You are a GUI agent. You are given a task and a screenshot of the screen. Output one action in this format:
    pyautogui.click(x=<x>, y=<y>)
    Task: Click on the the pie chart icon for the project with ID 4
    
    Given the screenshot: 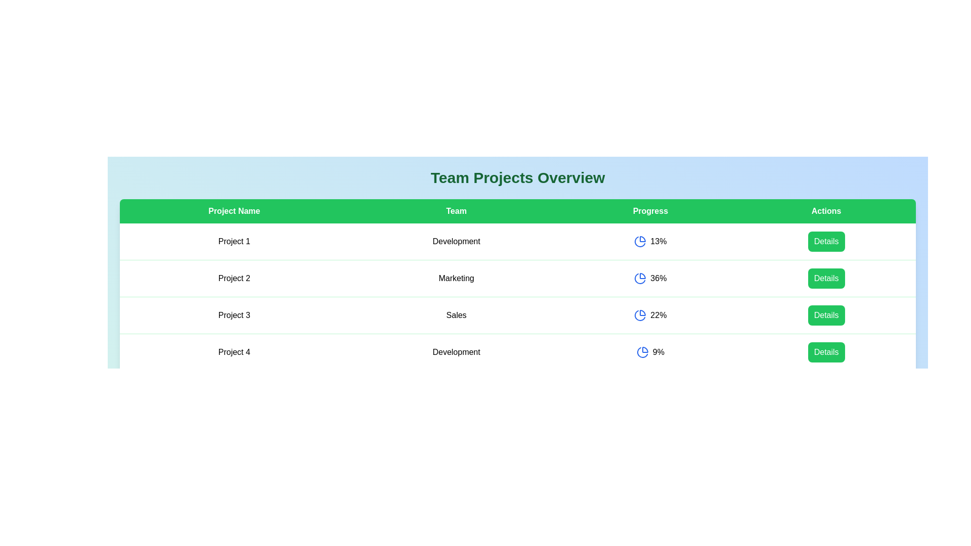 What is the action you would take?
    pyautogui.click(x=642, y=352)
    